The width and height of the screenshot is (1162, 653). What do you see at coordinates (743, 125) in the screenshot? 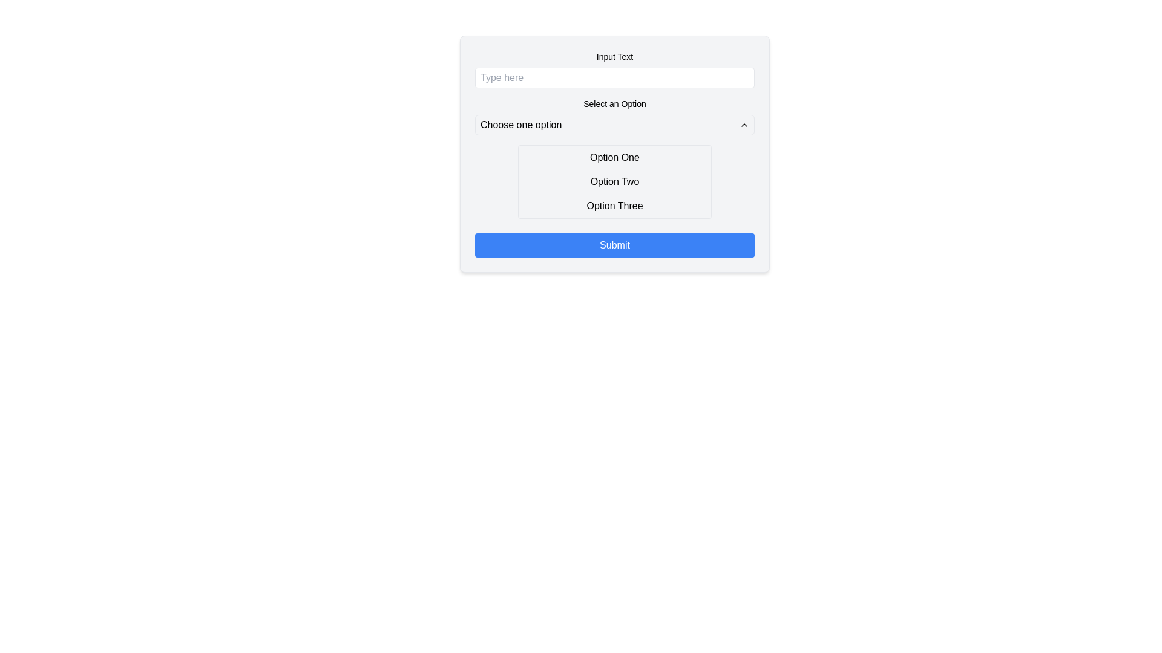
I see `the compact, triangular-shaped chevron icon that points upward, positioned to the far right within the bordered box labeled 'Choose one option'` at bounding box center [743, 125].